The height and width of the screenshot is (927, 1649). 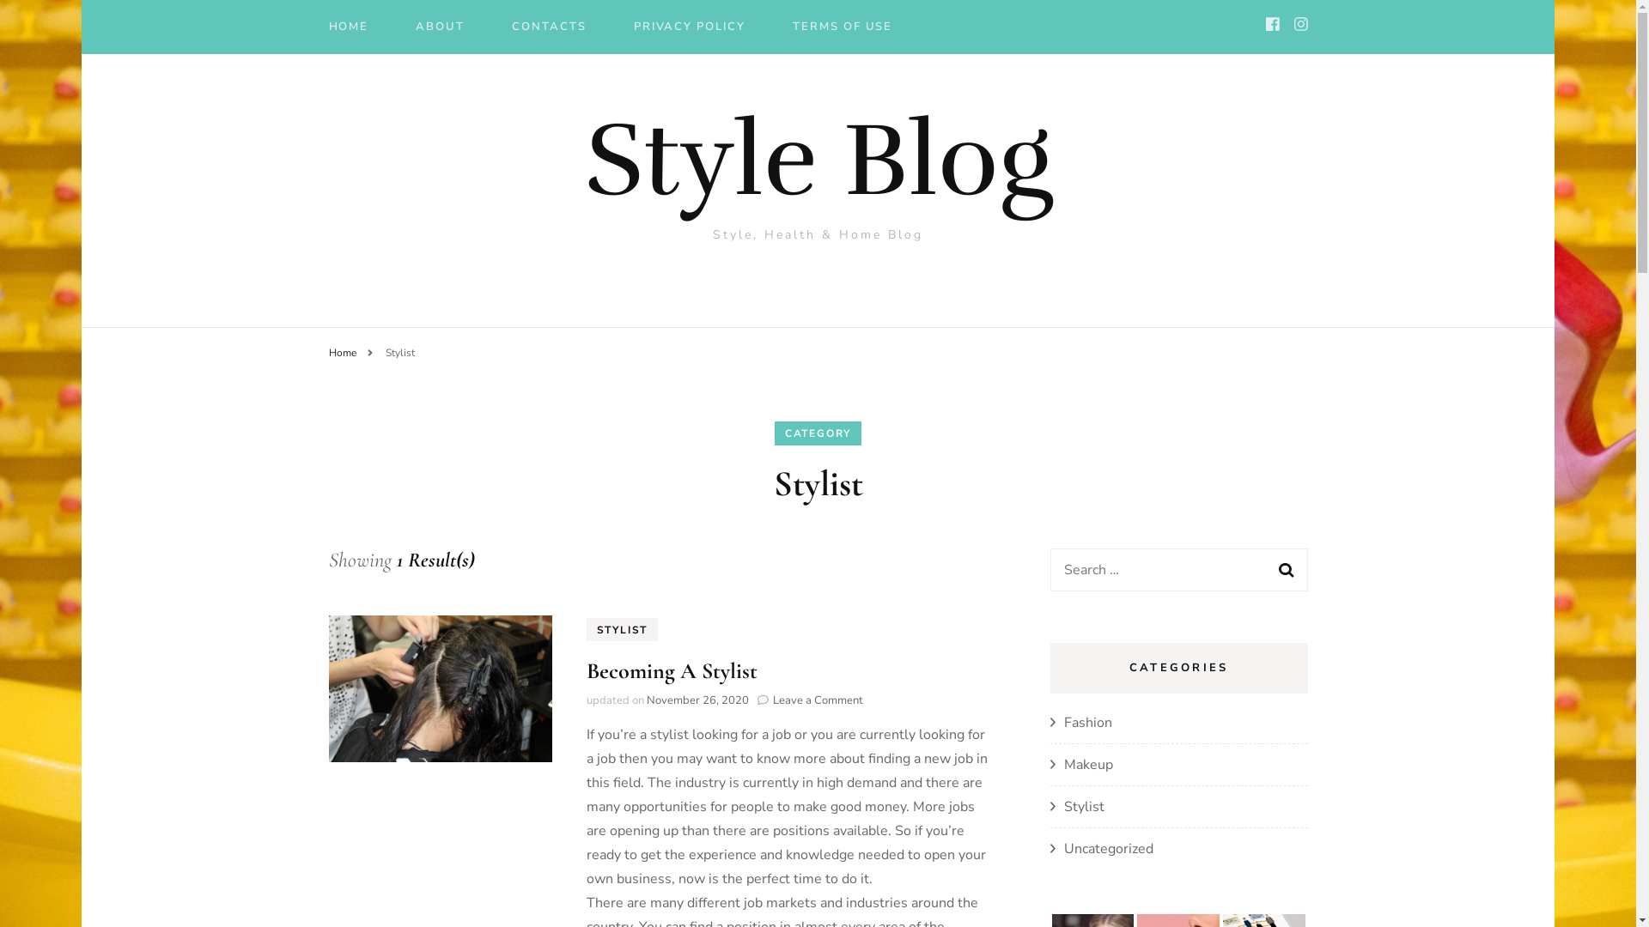 What do you see at coordinates (689, 28) in the screenshot?
I see `'PRIVACY POLICY'` at bounding box center [689, 28].